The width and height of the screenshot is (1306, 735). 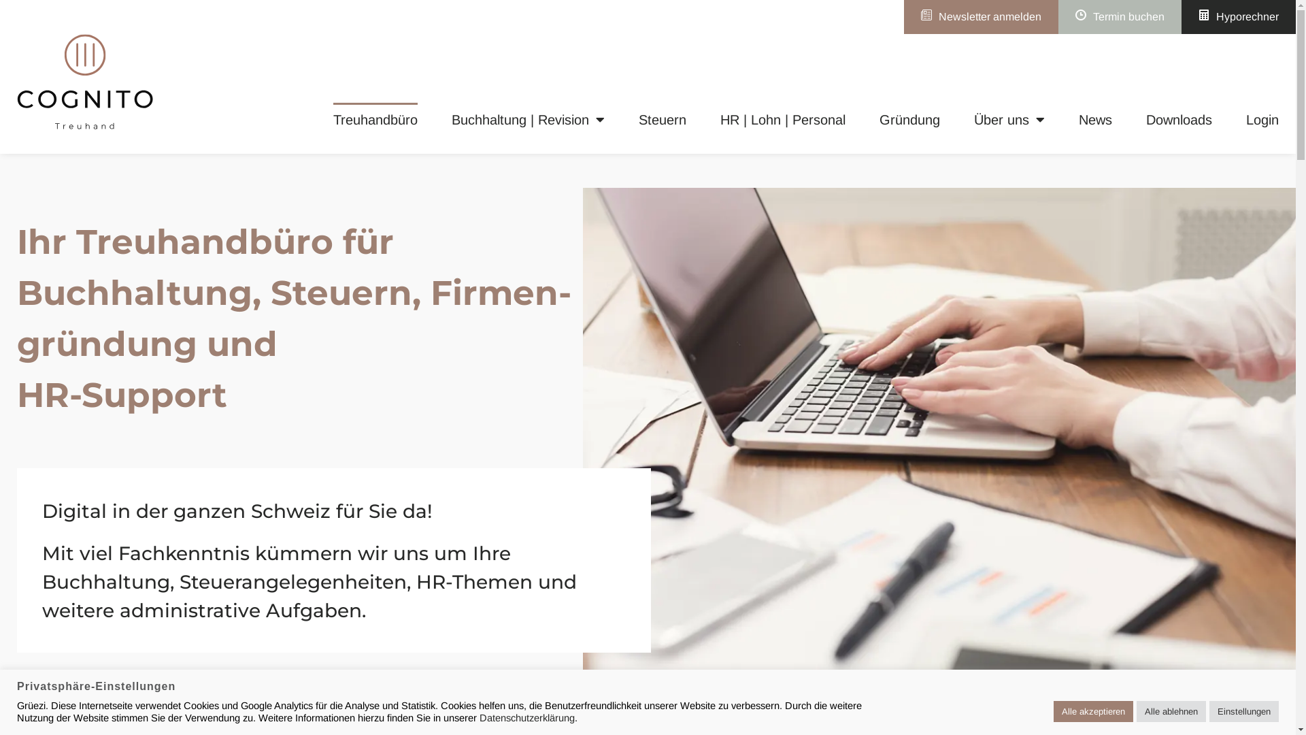 I want to click on 'Alle akzeptieren', so click(x=1053, y=710).